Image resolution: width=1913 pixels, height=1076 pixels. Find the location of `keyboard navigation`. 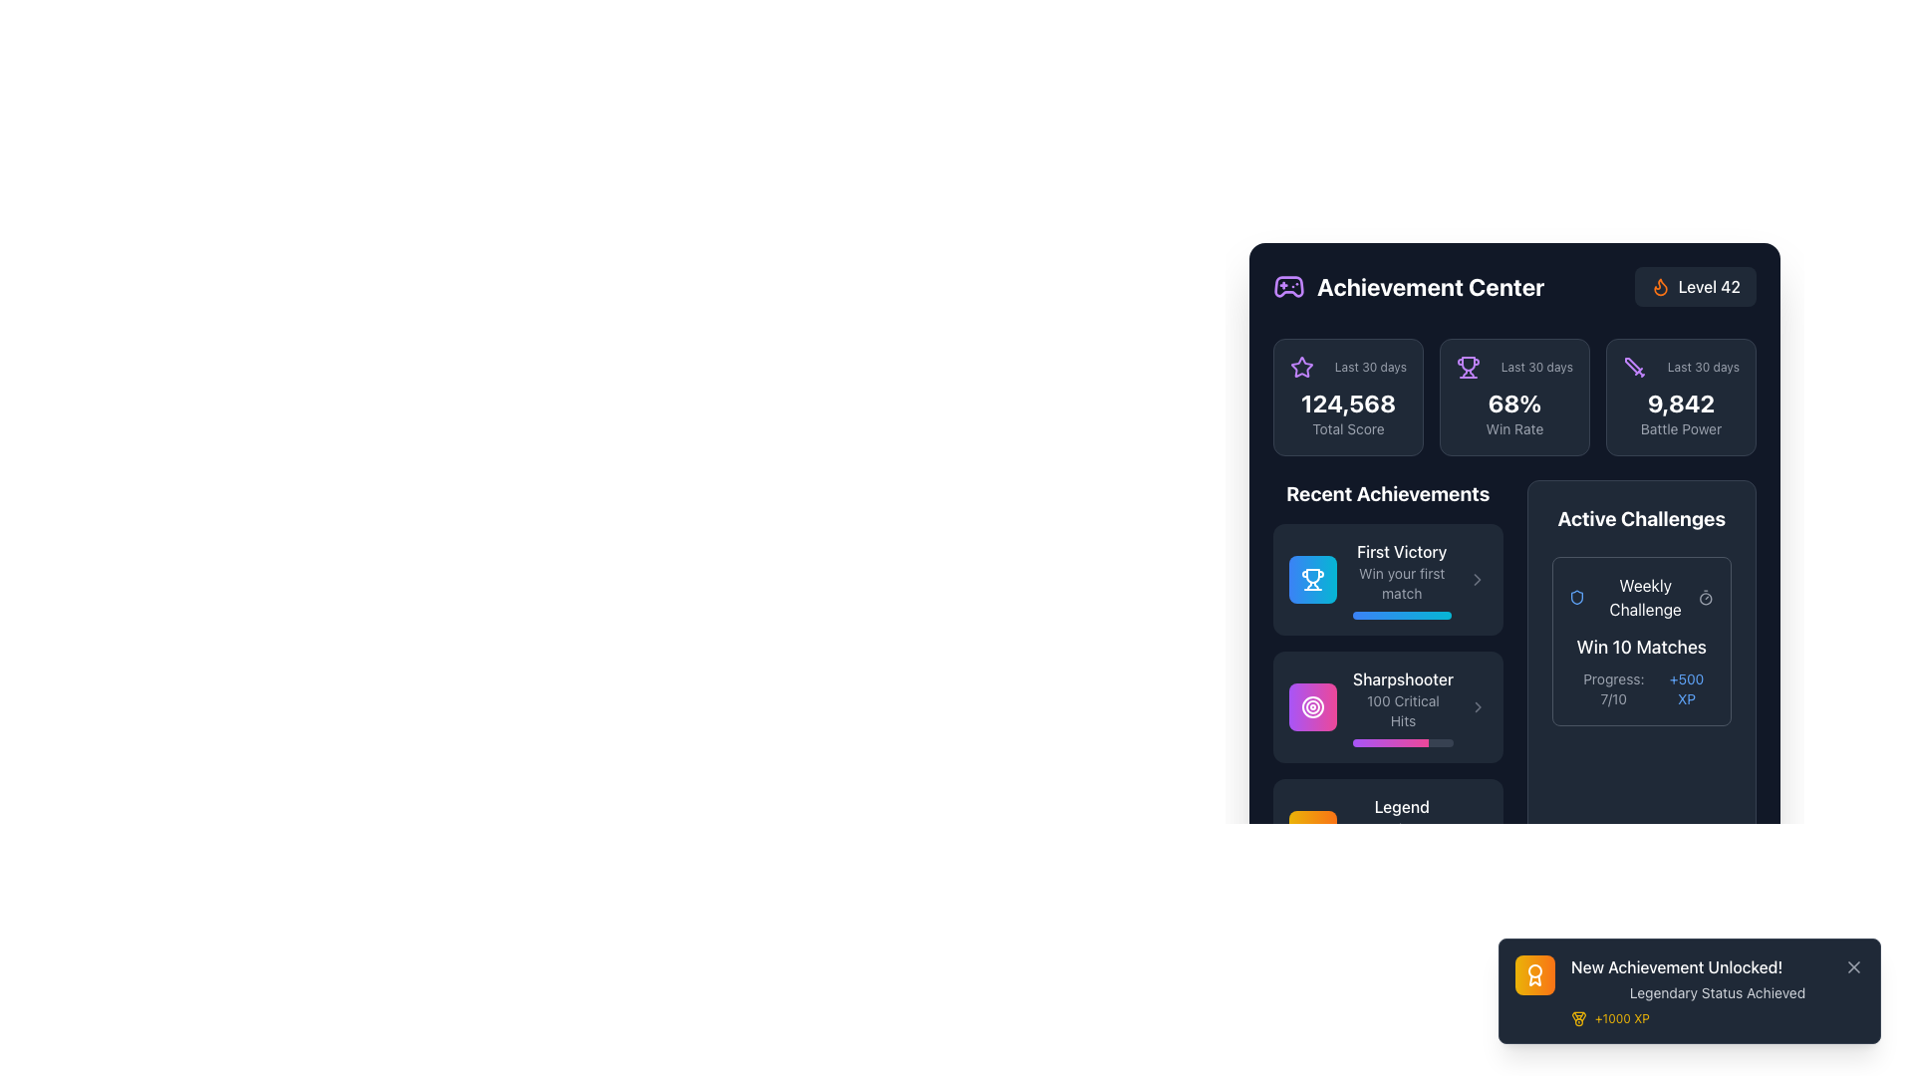

keyboard navigation is located at coordinates (1477, 580).